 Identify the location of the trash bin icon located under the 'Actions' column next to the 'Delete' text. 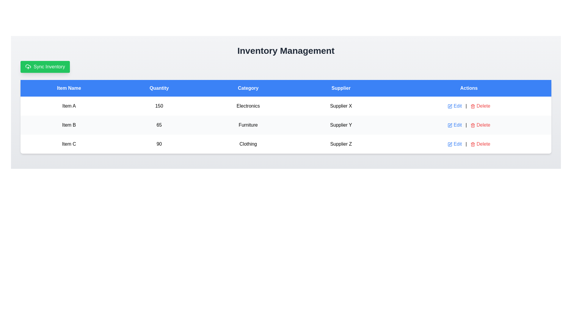
(473, 106).